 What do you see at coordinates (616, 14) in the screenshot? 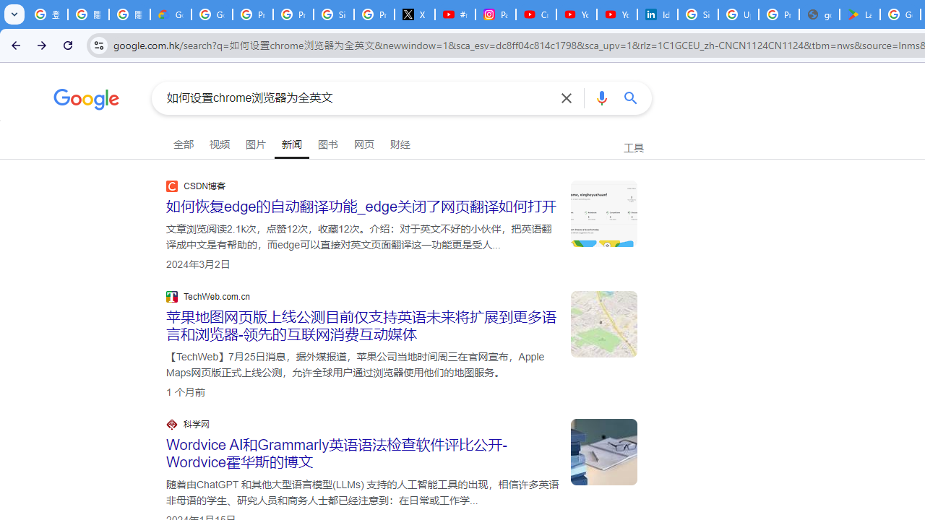
I see `'YouTube Culture & Trends - YouTube Top 10, 2021'` at bounding box center [616, 14].